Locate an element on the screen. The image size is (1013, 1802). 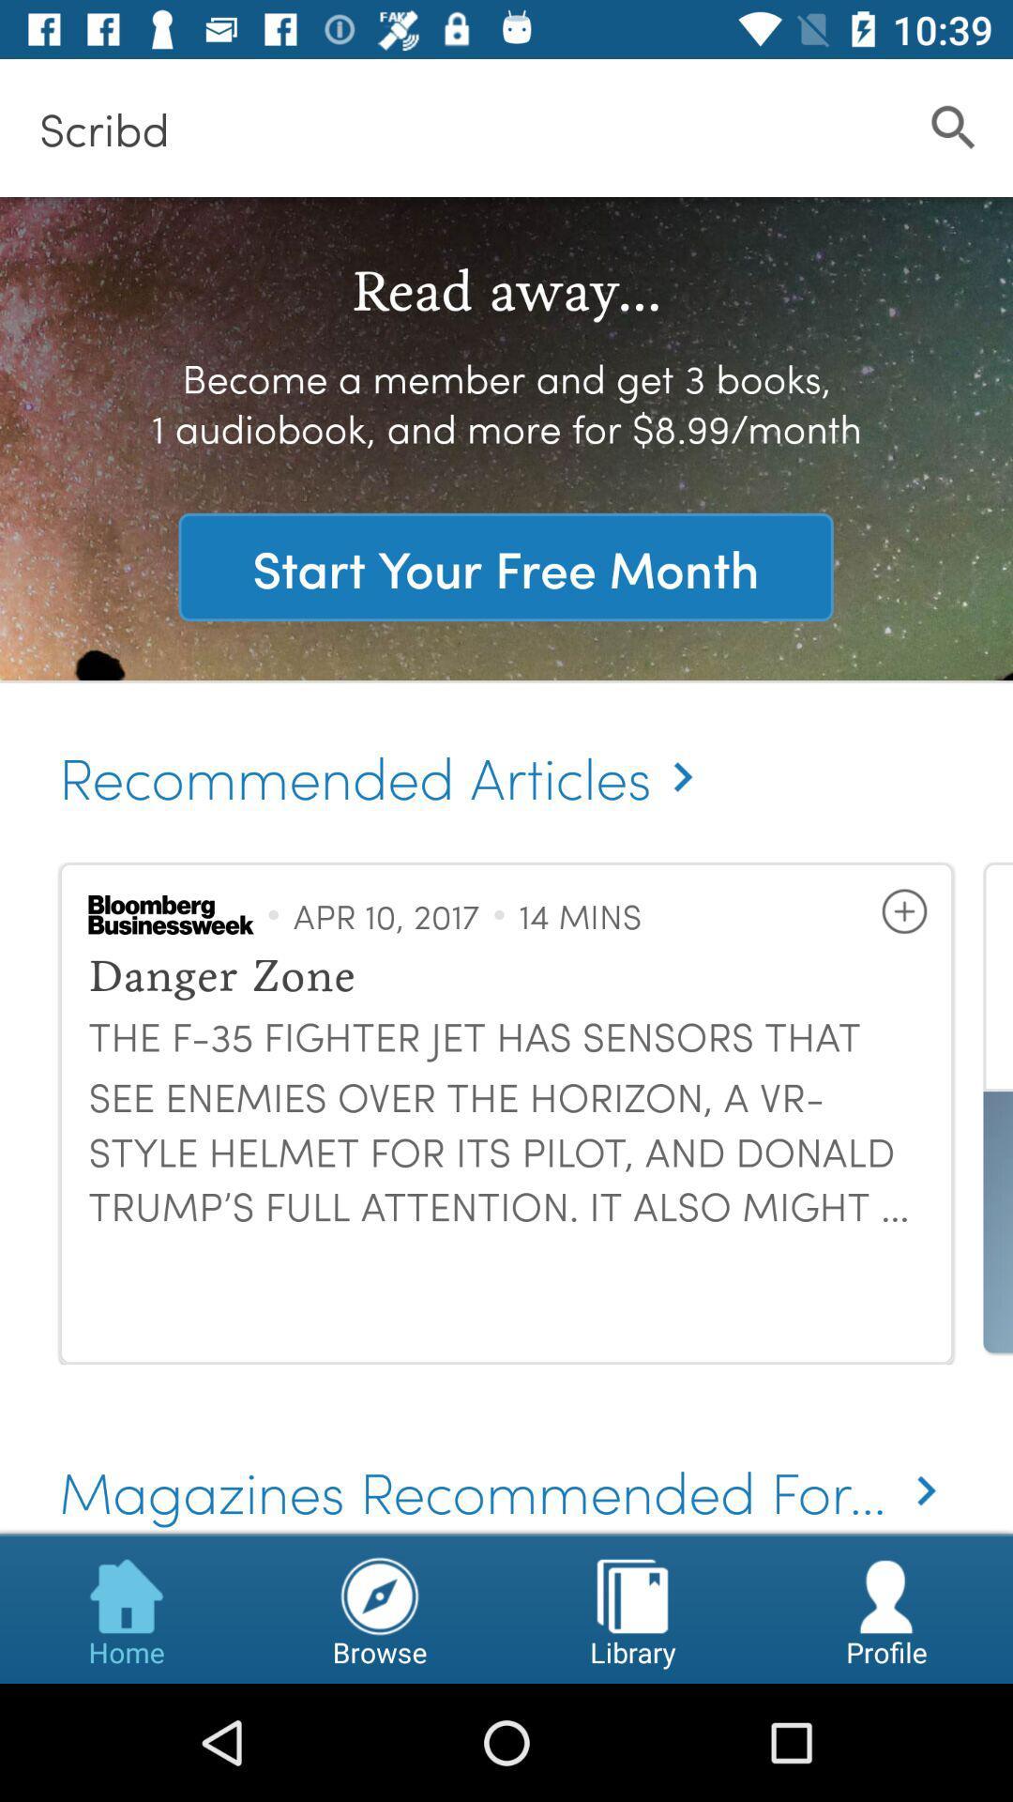
the item next to 14 mins icon is located at coordinates (903, 911).